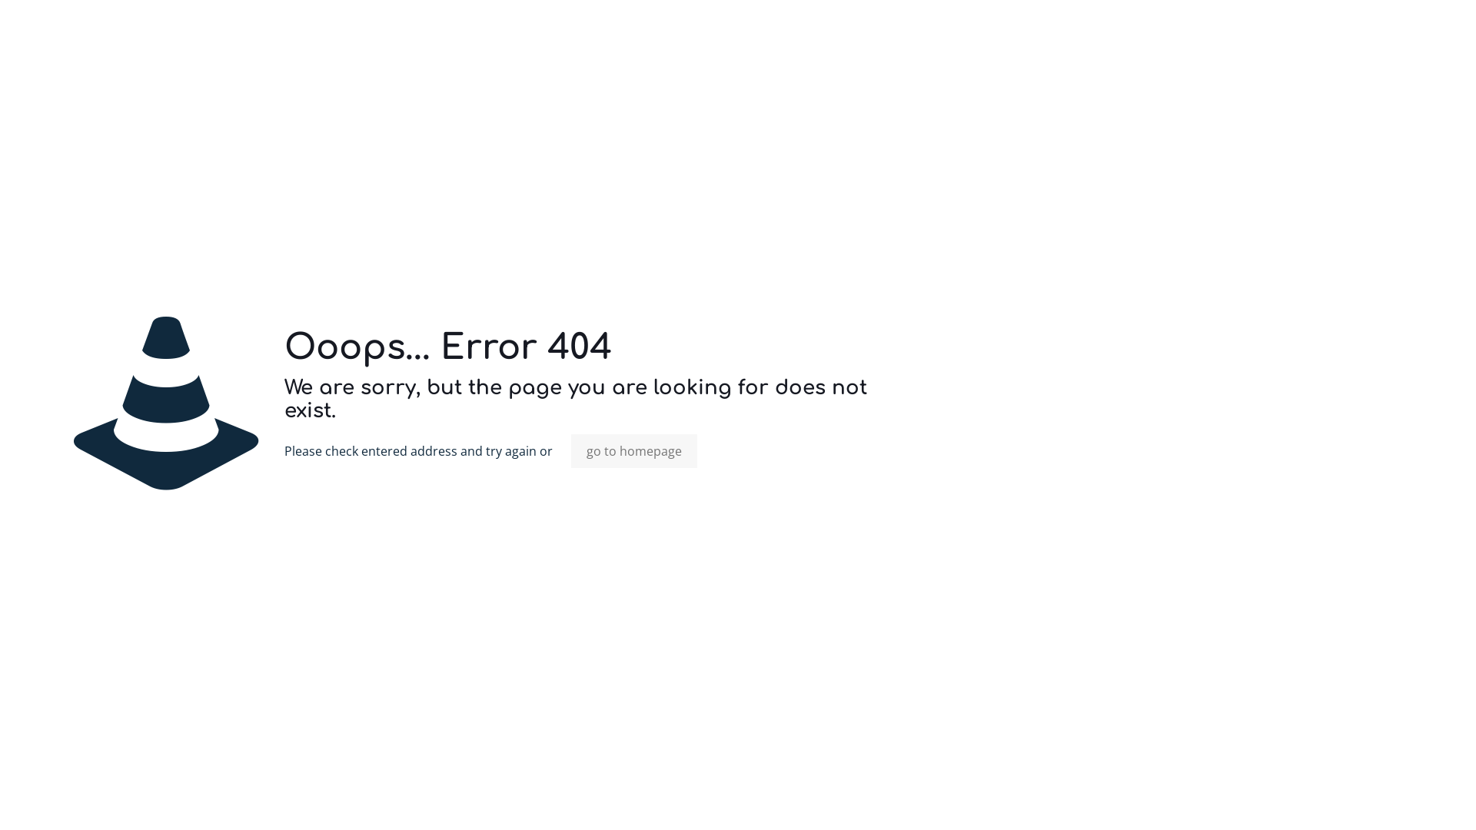 The image size is (1476, 830). Describe the element at coordinates (634, 450) in the screenshot. I see `'go to homepage'` at that location.